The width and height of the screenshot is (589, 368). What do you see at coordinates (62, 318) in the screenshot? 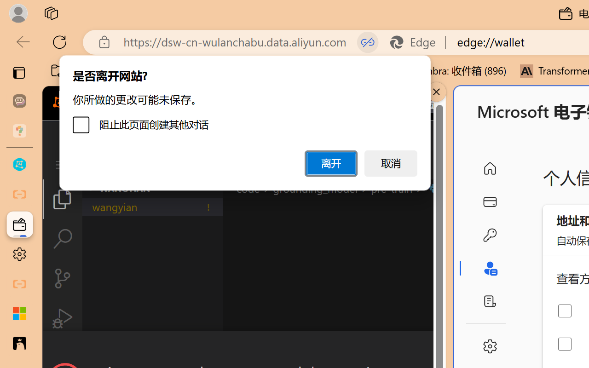
I see `'Run and Debug (Ctrl+Shift+D)'` at bounding box center [62, 318].